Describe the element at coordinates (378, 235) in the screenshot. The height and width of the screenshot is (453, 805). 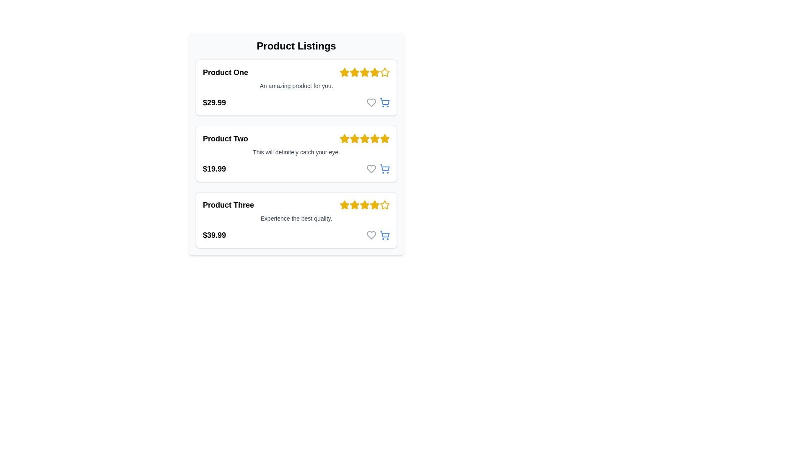
I see `the shopping cart icon located in the bottom-right corner of the 'Product Three' card` at that location.